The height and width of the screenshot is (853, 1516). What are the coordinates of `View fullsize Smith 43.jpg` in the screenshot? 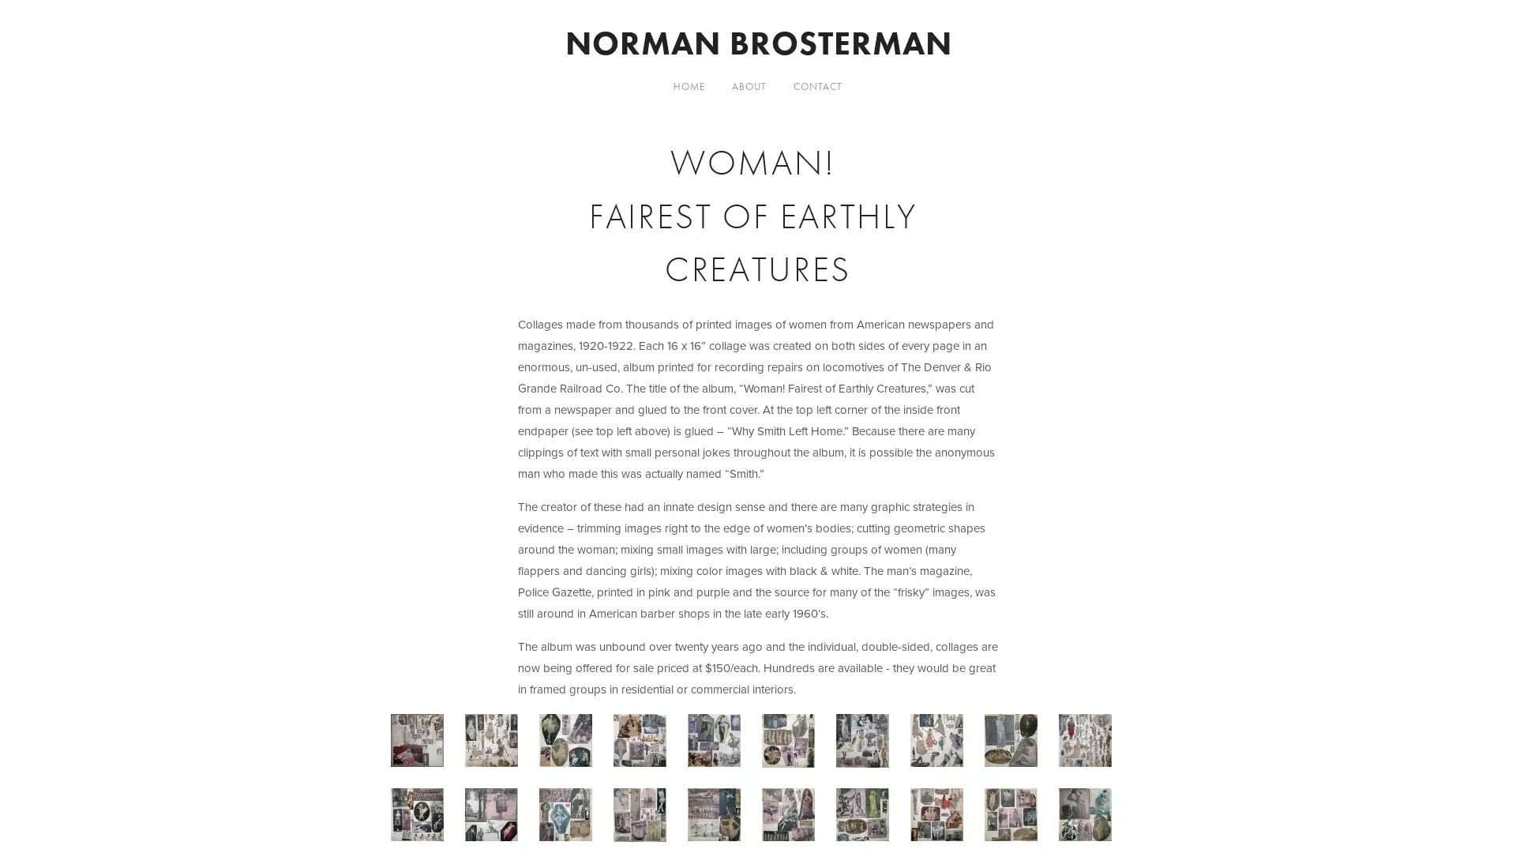 It's located at (571, 746).